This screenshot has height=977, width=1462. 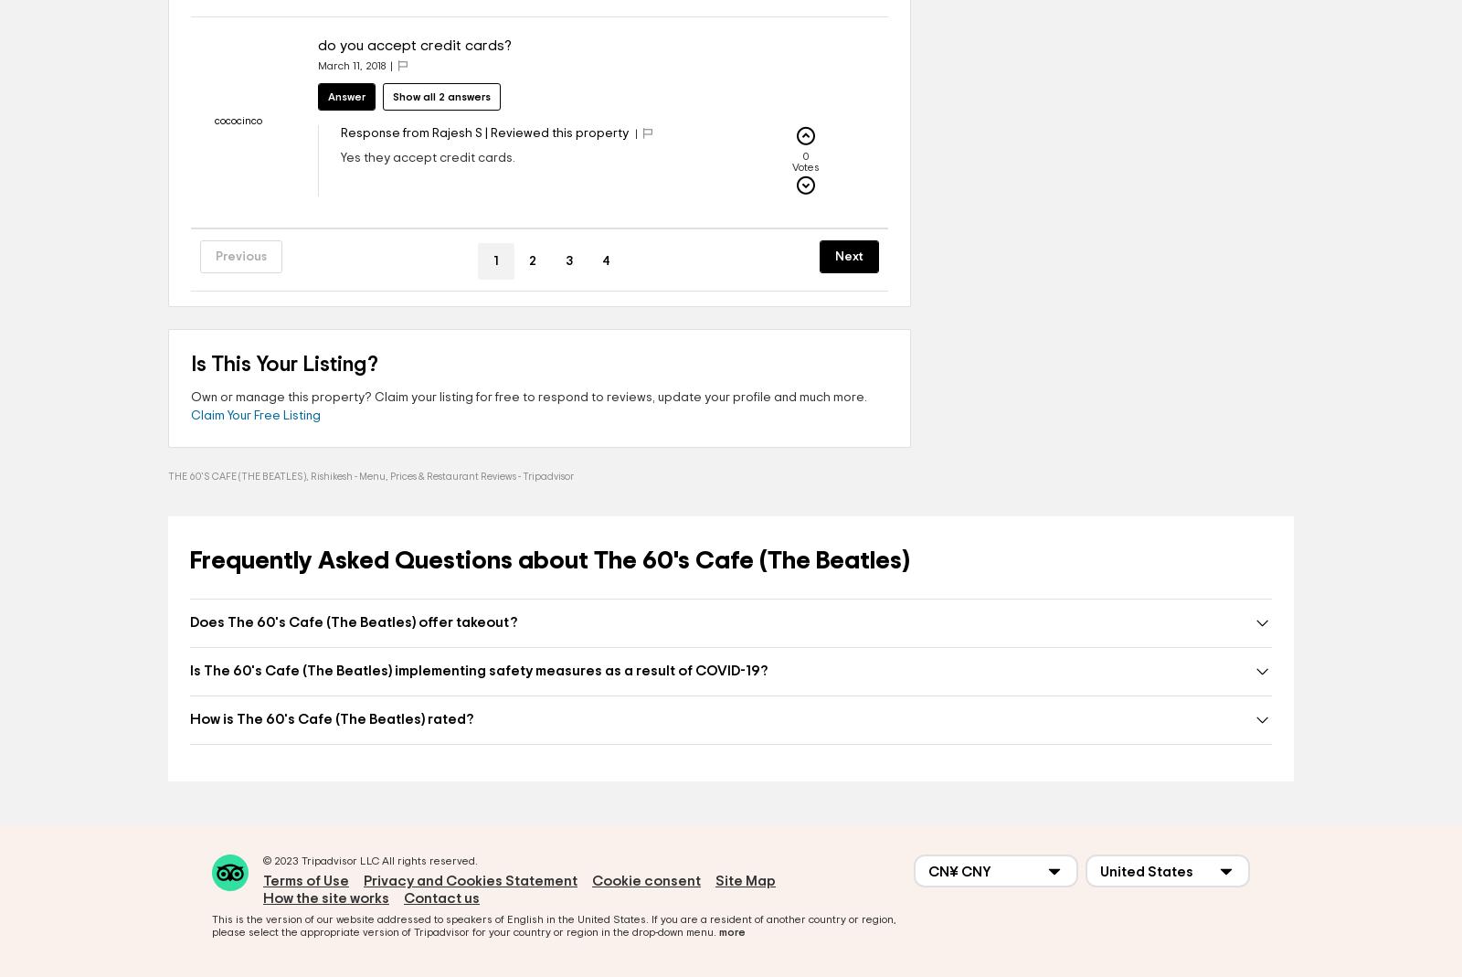 What do you see at coordinates (803, 156) in the screenshot?
I see `'0'` at bounding box center [803, 156].